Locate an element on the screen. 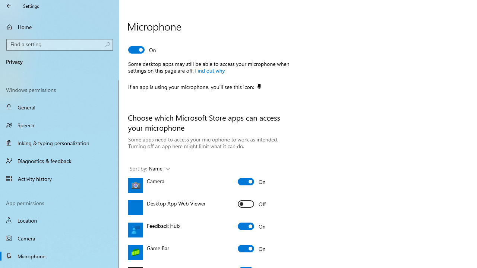 The image size is (477, 268). 'Sort by: Name' is located at coordinates (149, 169).